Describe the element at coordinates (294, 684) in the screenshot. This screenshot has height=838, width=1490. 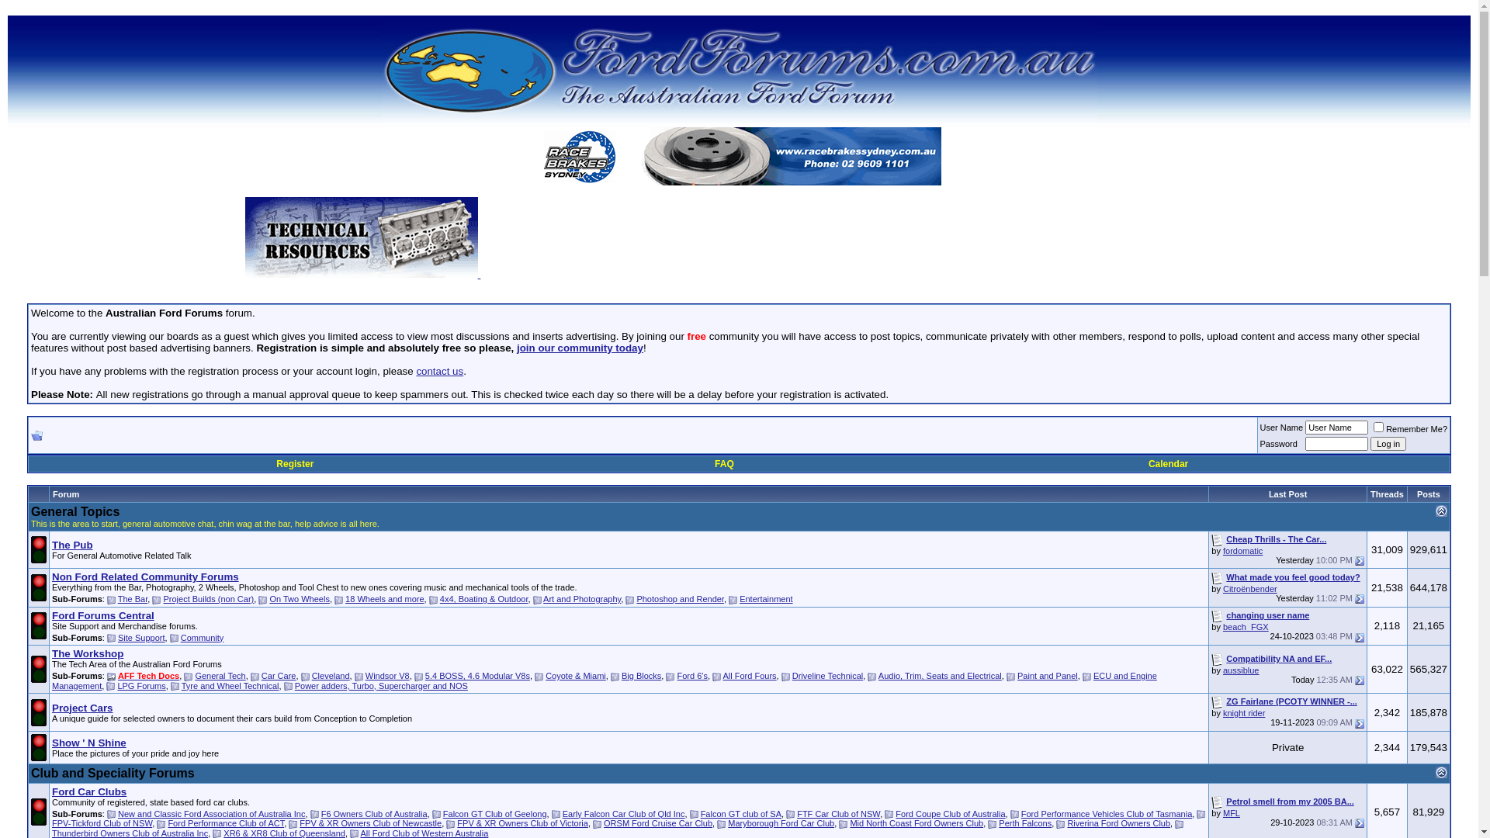
I see `'Power adders, Turbo, Supercharger and NOS'` at that location.